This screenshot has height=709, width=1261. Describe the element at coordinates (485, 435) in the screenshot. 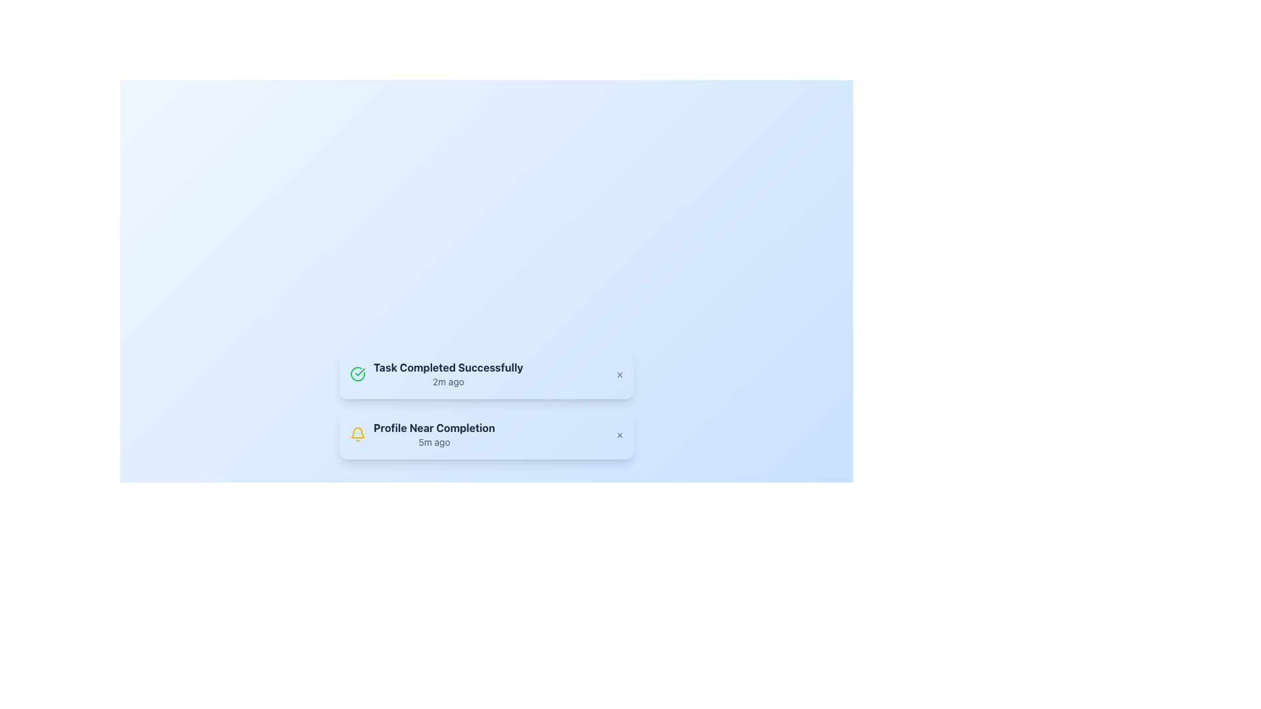

I see `the Notification widget that informs the user of specific status updates, located below 'Task Completed Successfully' and above 'System Update Failed'` at that location.